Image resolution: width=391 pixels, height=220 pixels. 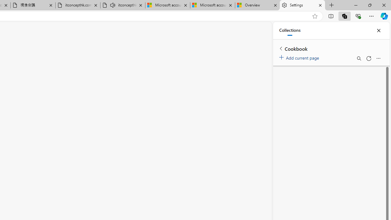 What do you see at coordinates (258, 5) in the screenshot?
I see `'Overview'` at bounding box center [258, 5].